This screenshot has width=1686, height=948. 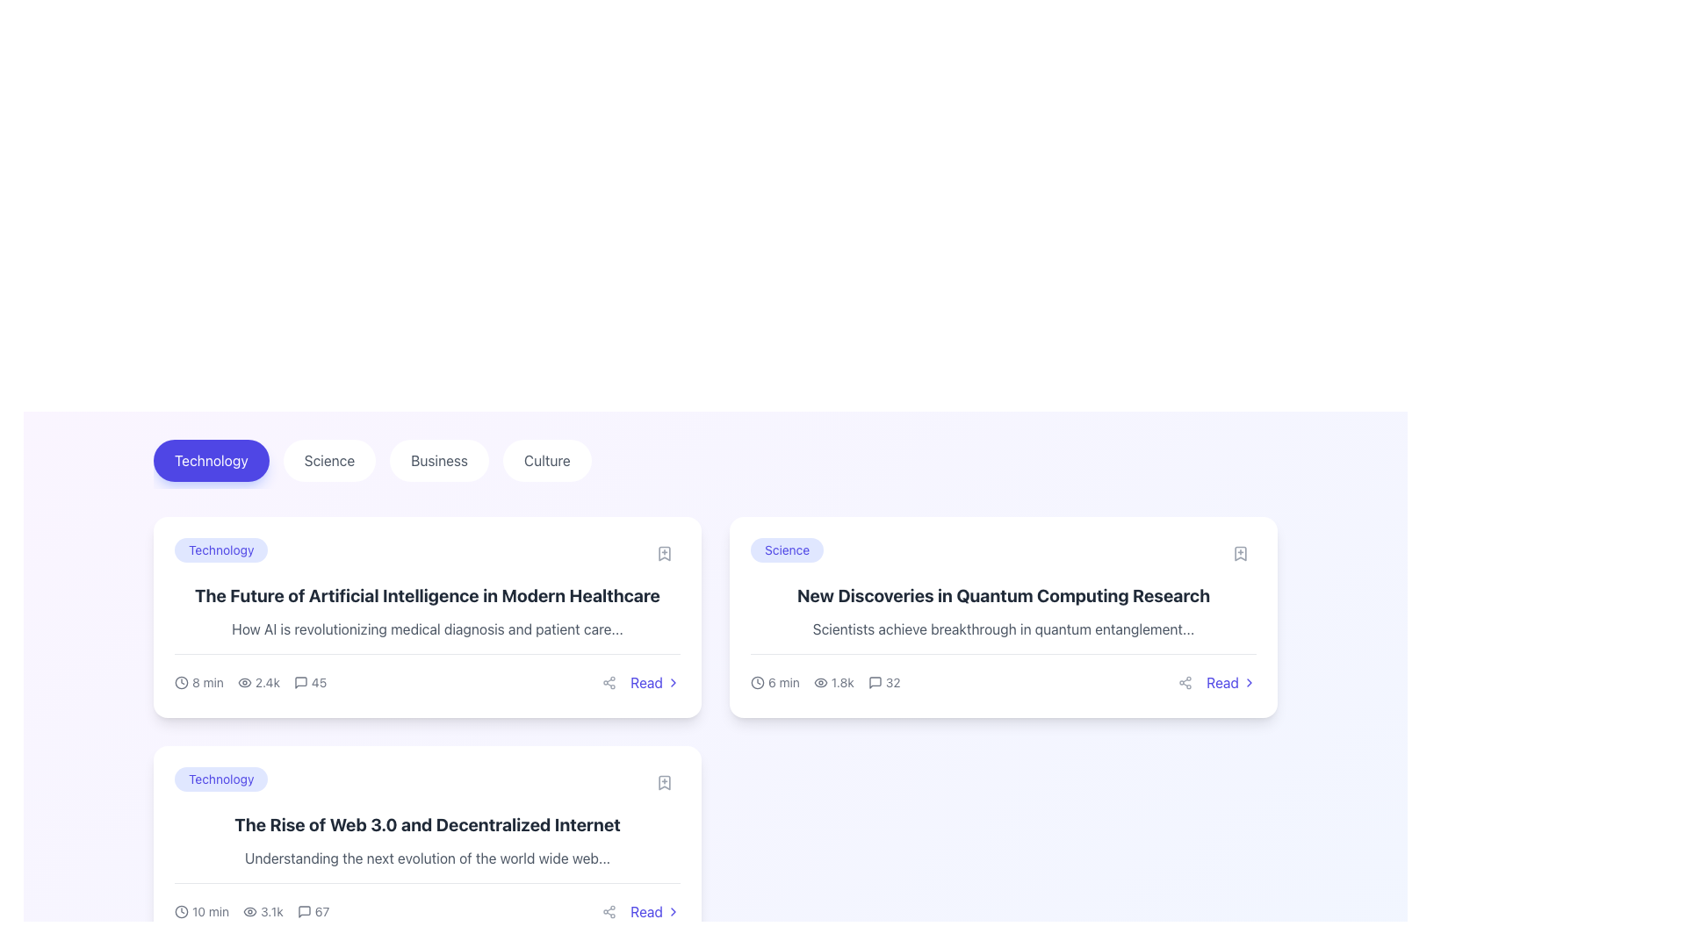 I want to click on the text of the 'Technology' label, which is bold and centered within a light purple background, located at the top-left corner of a card about 'The Future of Artificial Intelligence in Modern Healthcare', so click(x=427, y=554).